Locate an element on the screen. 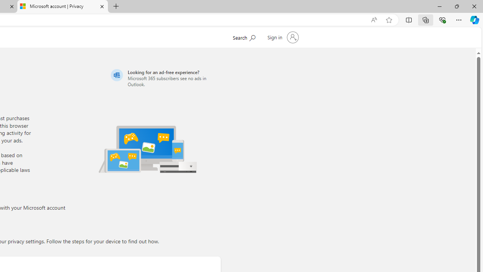  'Looking for an ad-free experience?' is located at coordinates (164, 78).